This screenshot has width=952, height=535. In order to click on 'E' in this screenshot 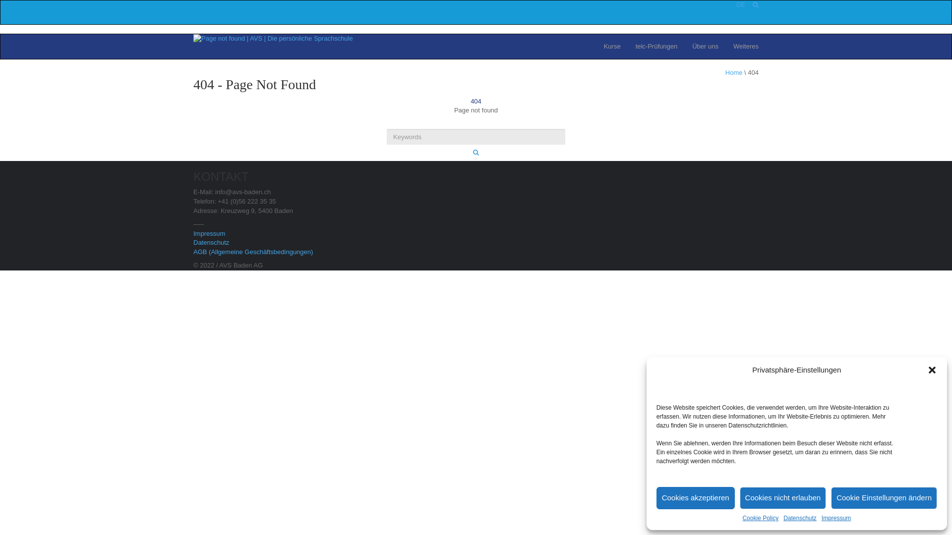, I will do `click(740, 4)`.